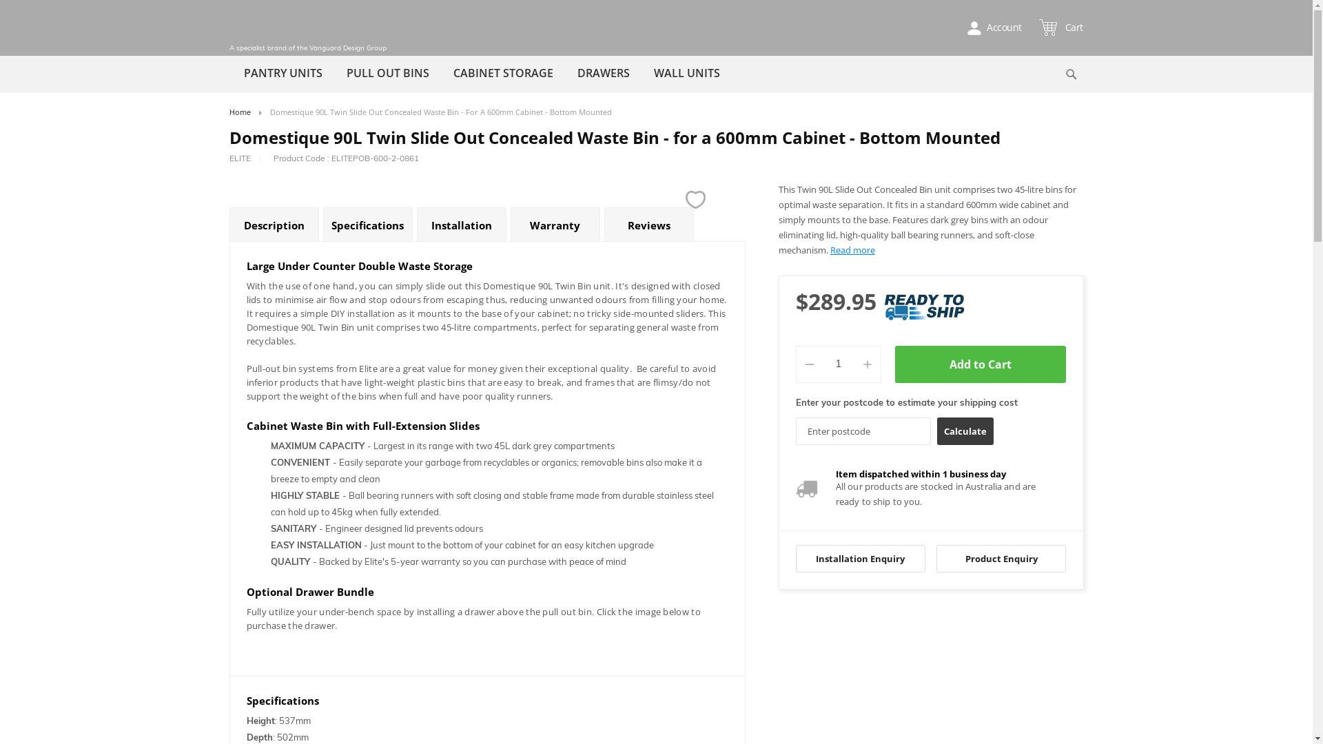  I want to click on 'PANTRY UNITS', so click(281, 72).